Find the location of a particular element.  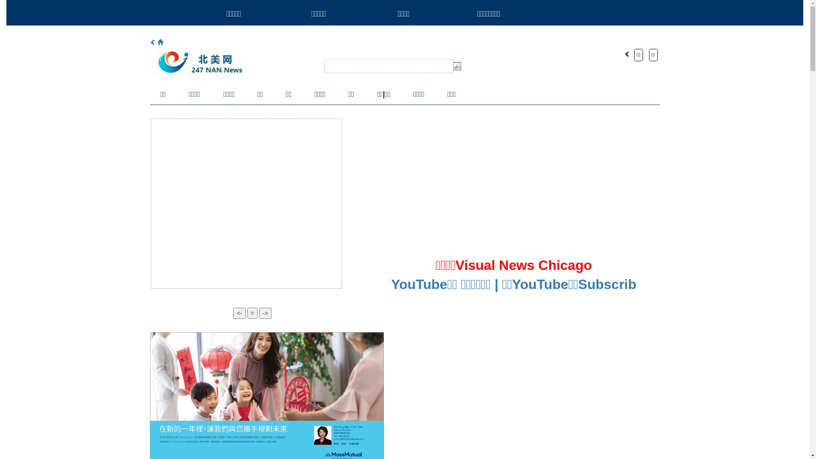

'=' is located at coordinates (252, 313).